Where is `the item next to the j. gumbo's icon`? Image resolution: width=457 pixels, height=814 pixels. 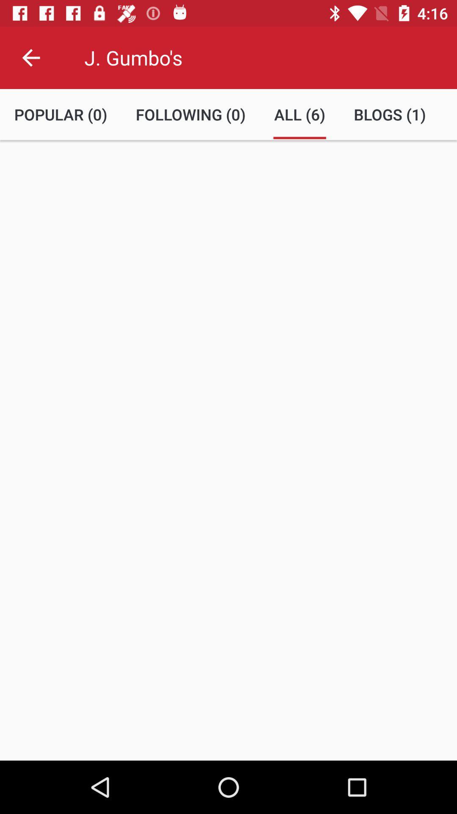 the item next to the j. gumbo's icon is located at coordinates (30, 57).